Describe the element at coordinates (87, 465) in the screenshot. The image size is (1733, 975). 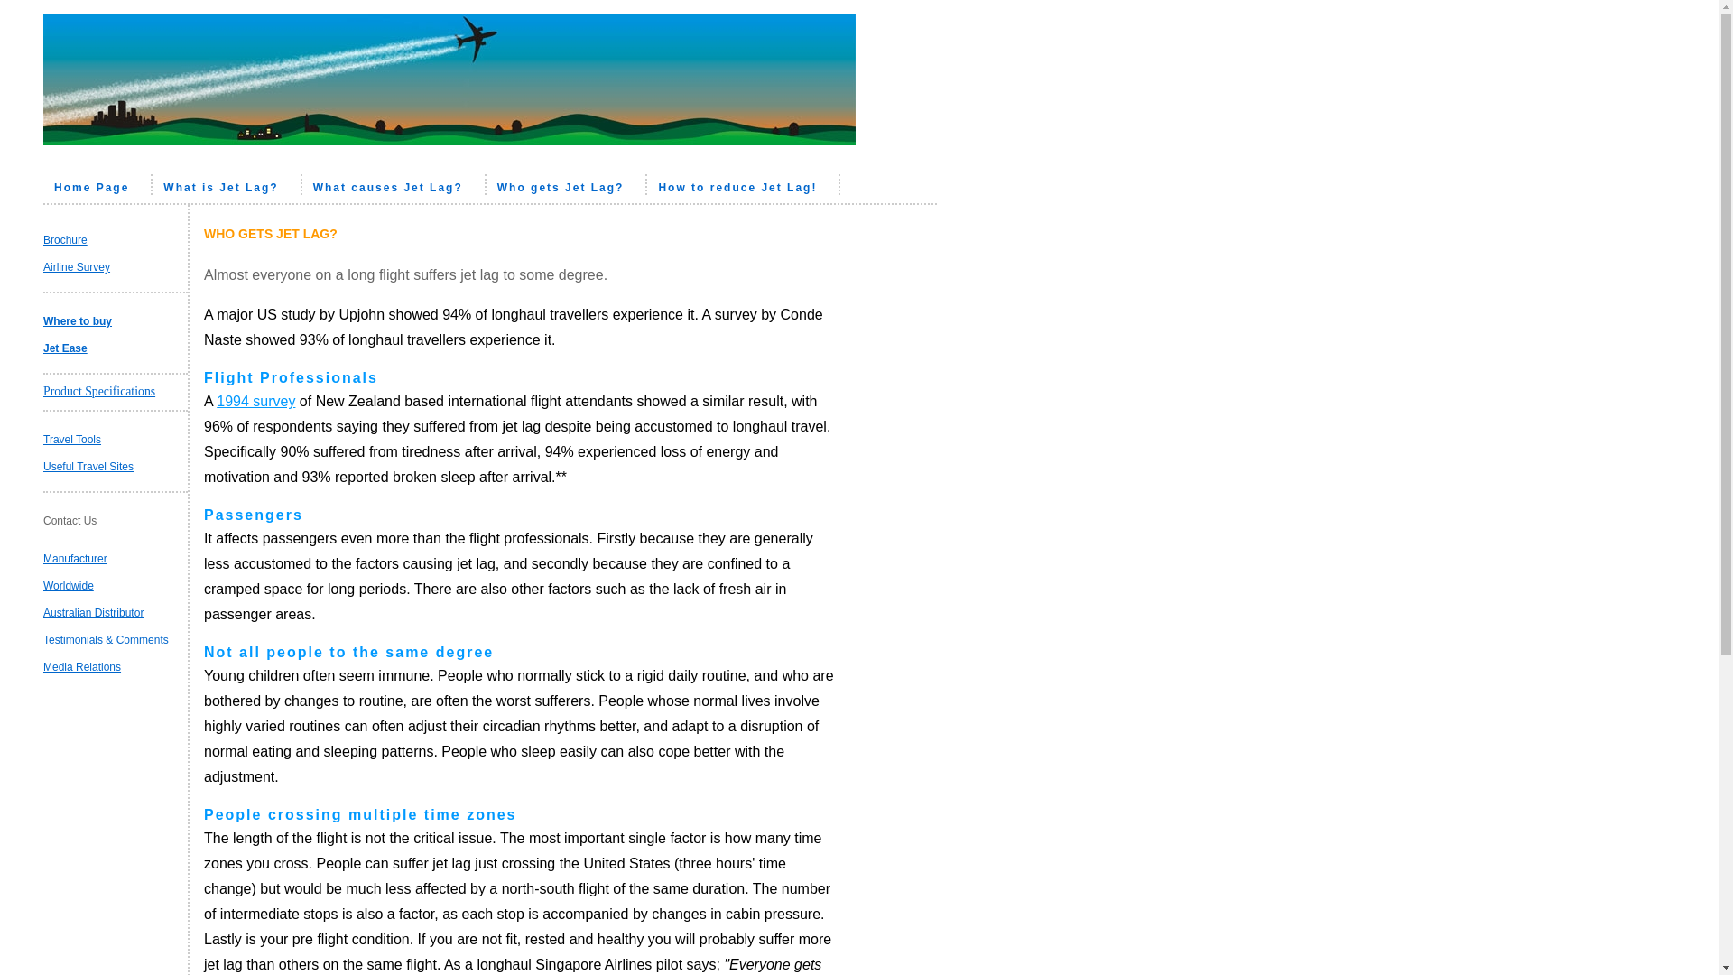
I see `'Useful Travel Sites'` at that location.